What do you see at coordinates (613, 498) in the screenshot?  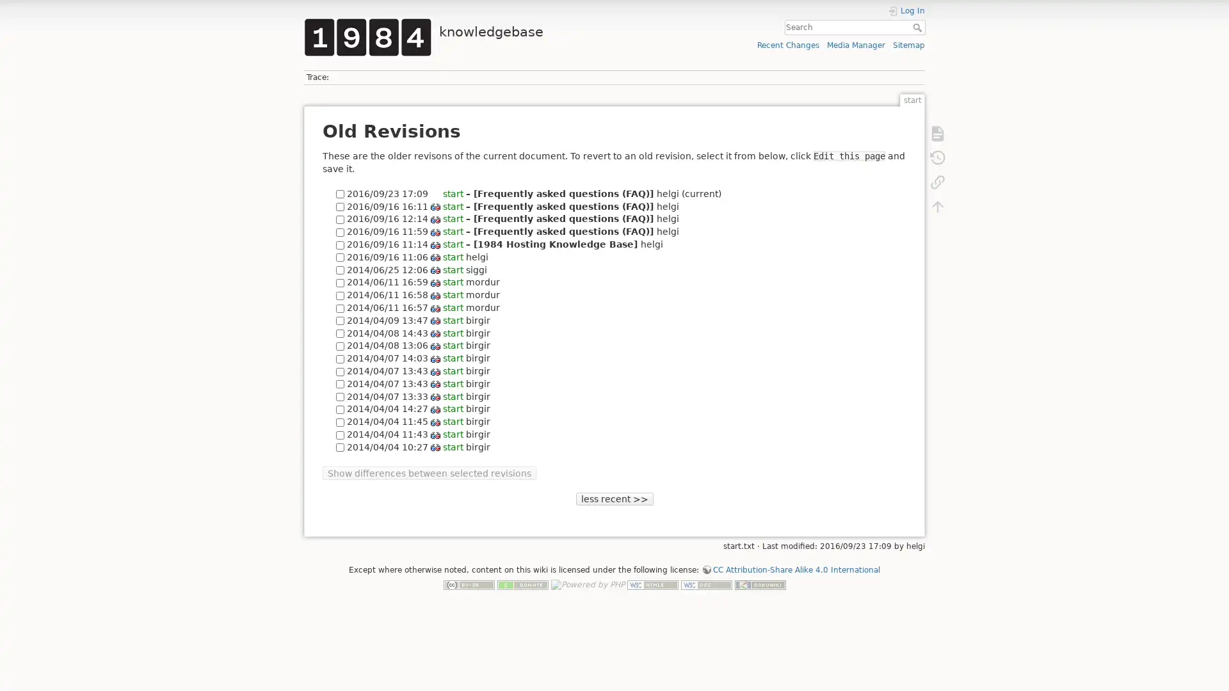 I see `less recent >>` at bounding box center [613, 498].